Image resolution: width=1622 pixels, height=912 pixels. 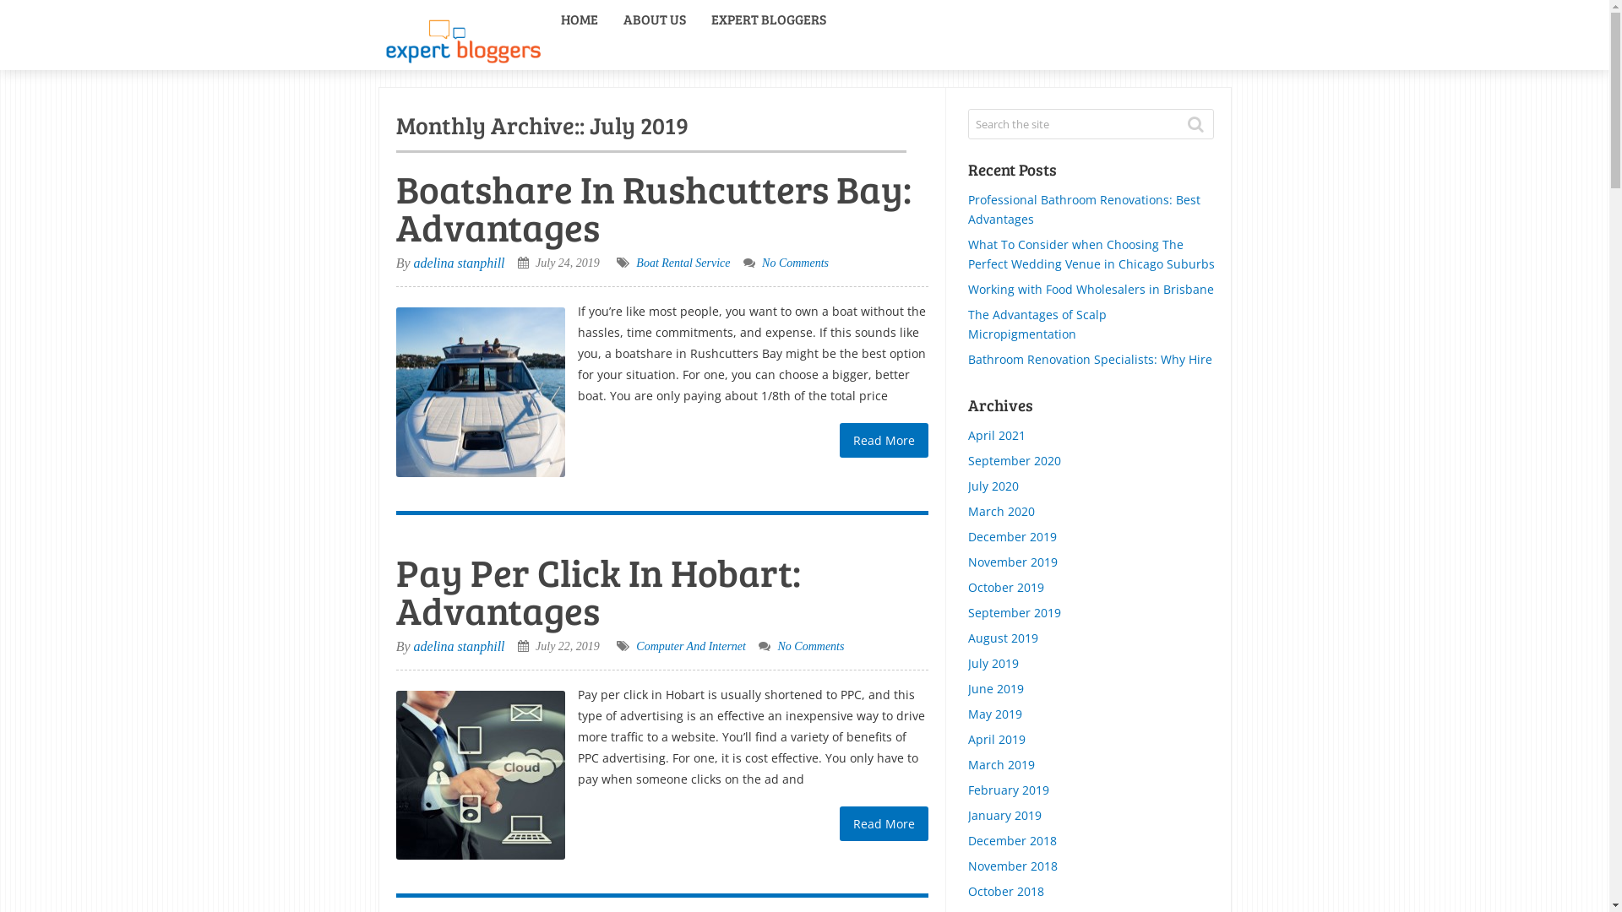 What do you see at coordinates (459, 263) in the screenshot?
I see `'adelina stanphill'` at bounding box center [459, 263].